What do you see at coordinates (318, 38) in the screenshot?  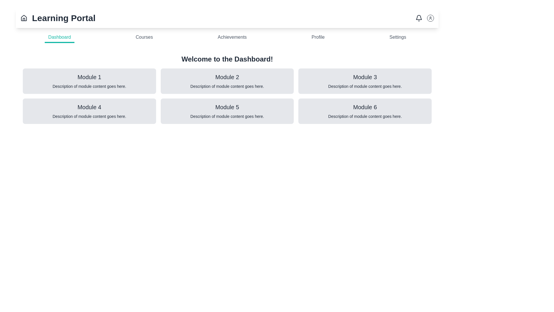 I see `the 'Profile' button in the navigation menu` at bounding box center [318, 38].